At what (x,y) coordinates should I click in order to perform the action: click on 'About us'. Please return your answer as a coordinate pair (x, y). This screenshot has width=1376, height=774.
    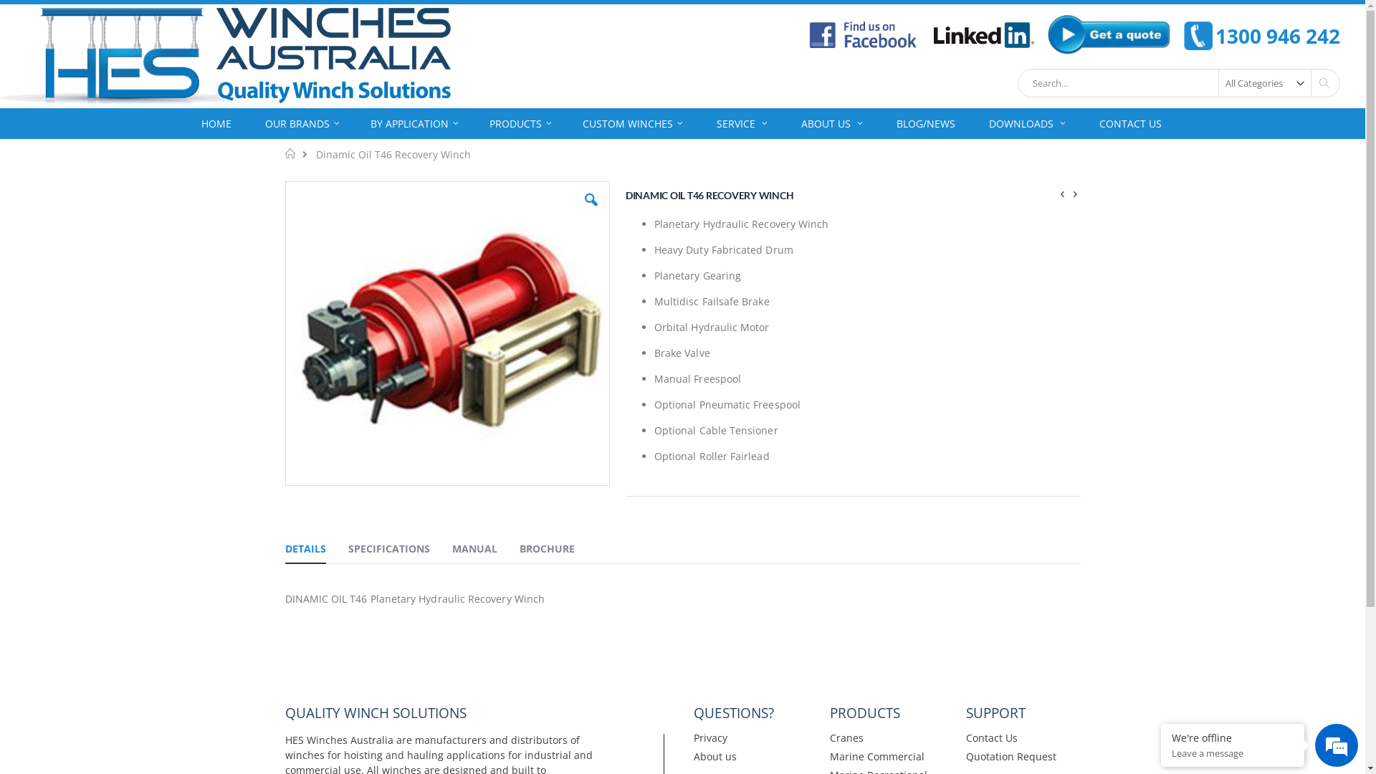
    Looking at the image, I should click on (715, 755).